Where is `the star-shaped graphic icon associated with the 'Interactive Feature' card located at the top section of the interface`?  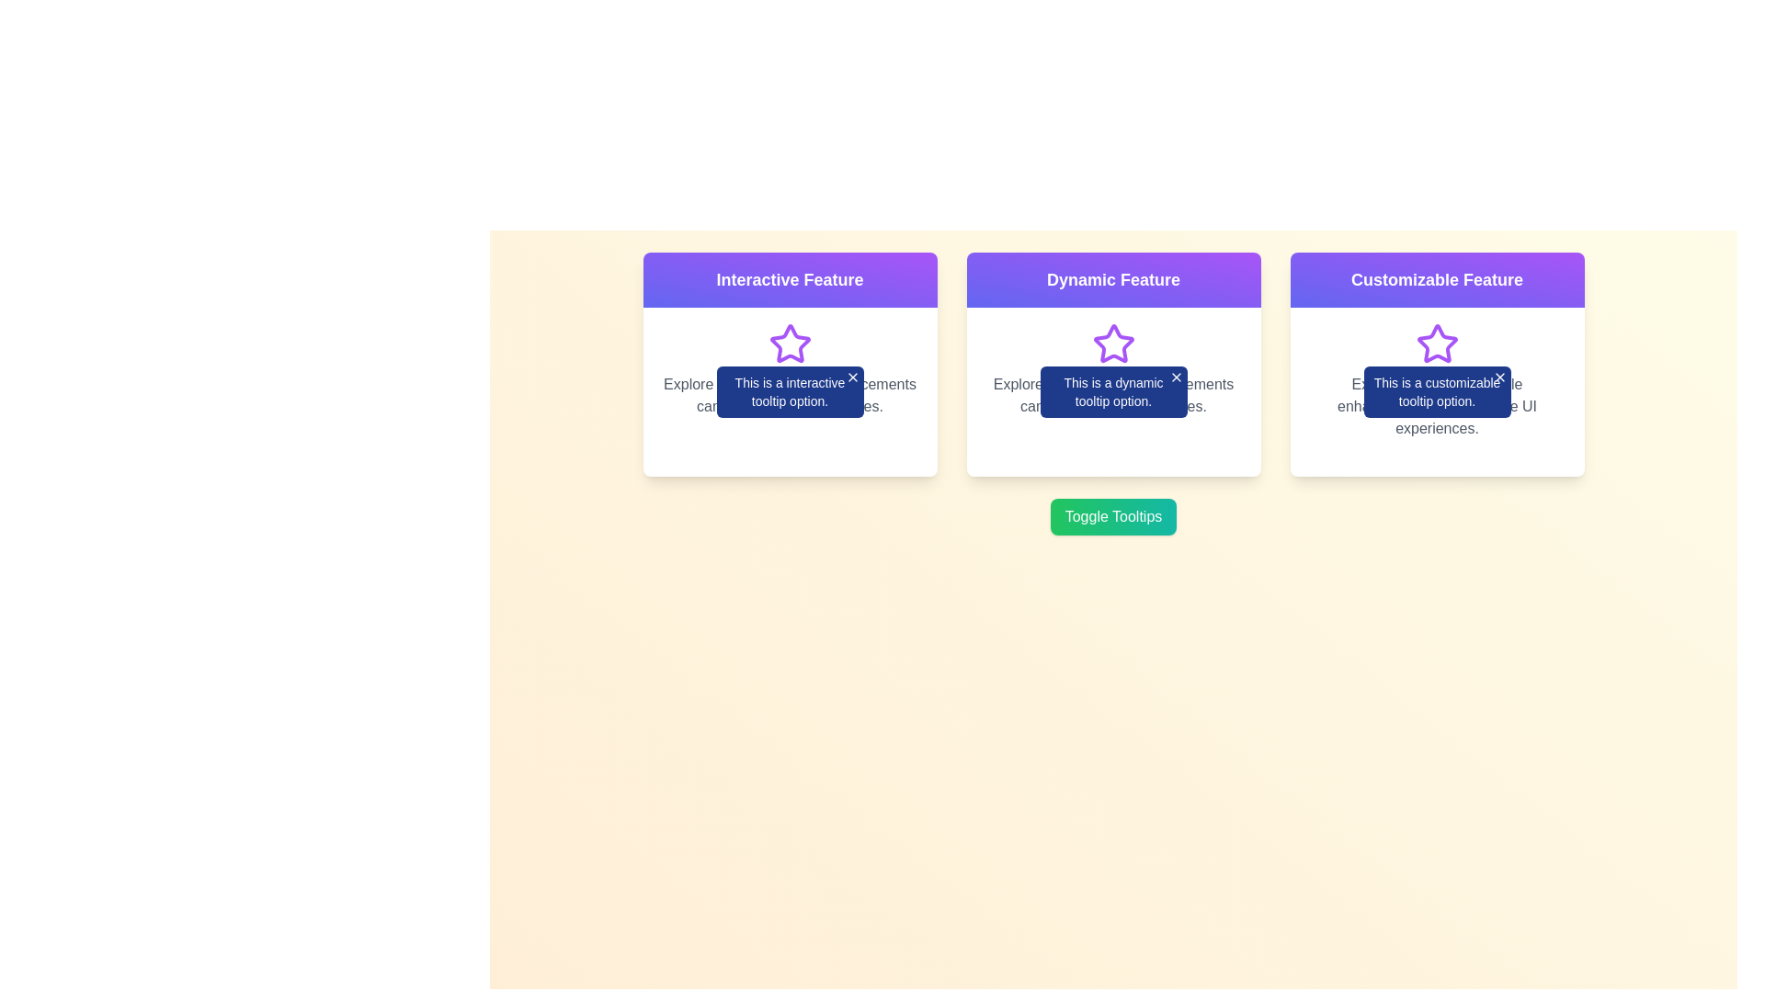
the star-shaped graphic icon associated with the 'Interactive Feature' card located at the top section of the interface is located at coordinates (790, 344).